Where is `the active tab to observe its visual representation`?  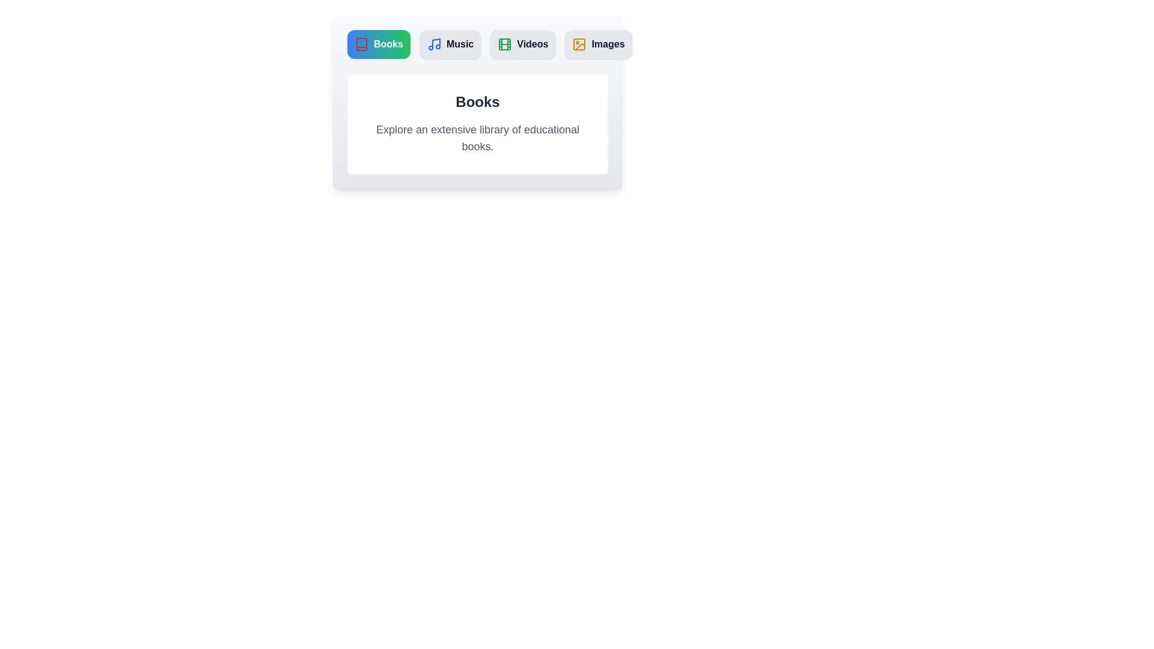
the active tab to observe its visual representation is located at coordinates (377, 43).